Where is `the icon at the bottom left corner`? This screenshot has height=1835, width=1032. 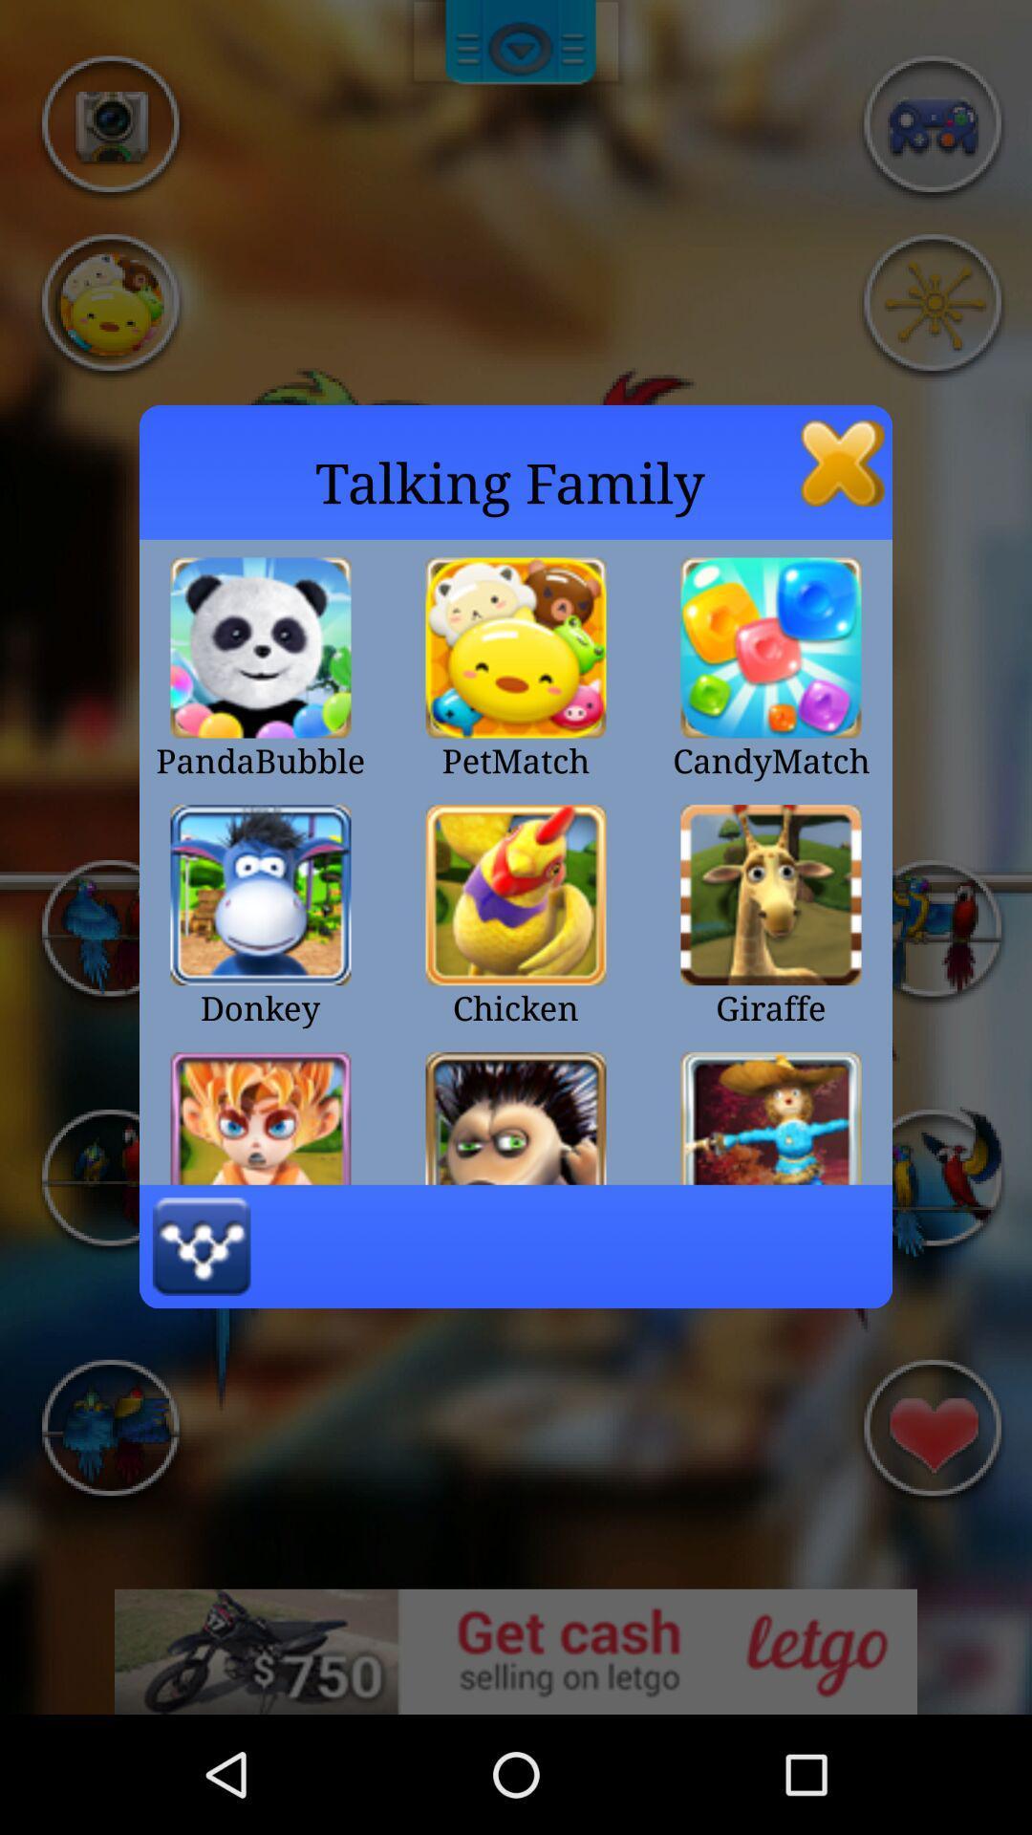
the icon at the bottom left corner is located at coordinates (202, 1246).